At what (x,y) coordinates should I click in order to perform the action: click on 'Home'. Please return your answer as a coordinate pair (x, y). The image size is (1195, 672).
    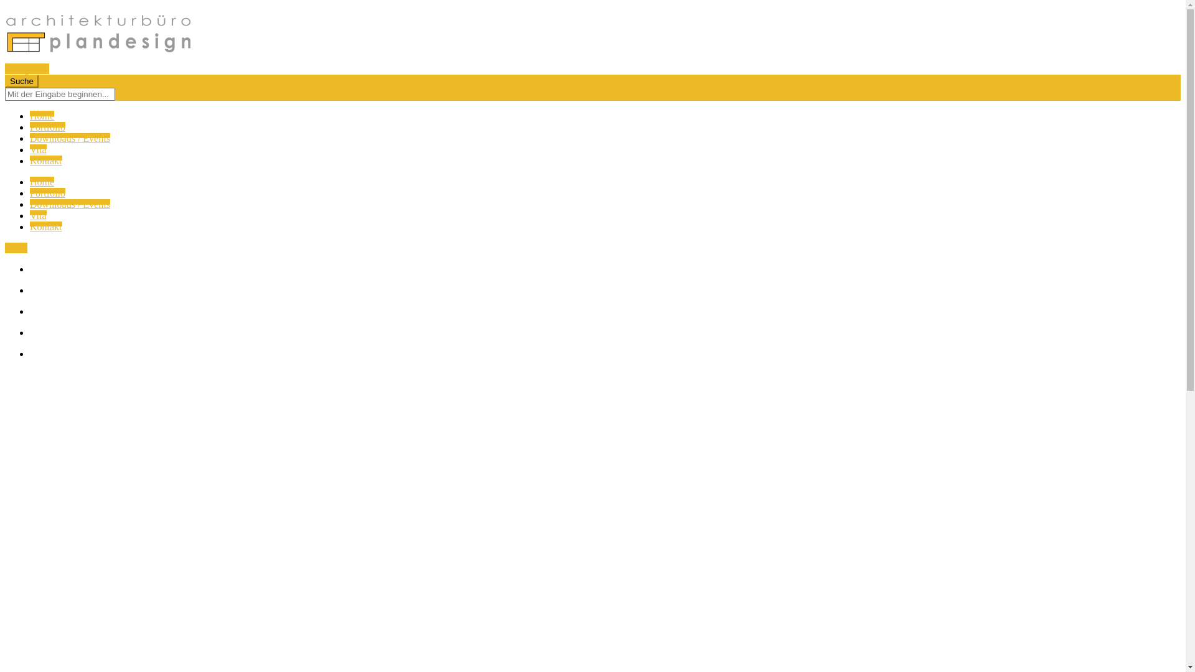
    Looking at the image, I should click on (42, 182).